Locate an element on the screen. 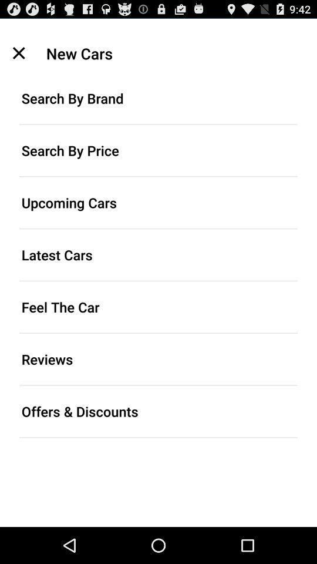 The width and height of the screenshot is (317, 564). icon next to new cars is located at coordinates (18, 53).